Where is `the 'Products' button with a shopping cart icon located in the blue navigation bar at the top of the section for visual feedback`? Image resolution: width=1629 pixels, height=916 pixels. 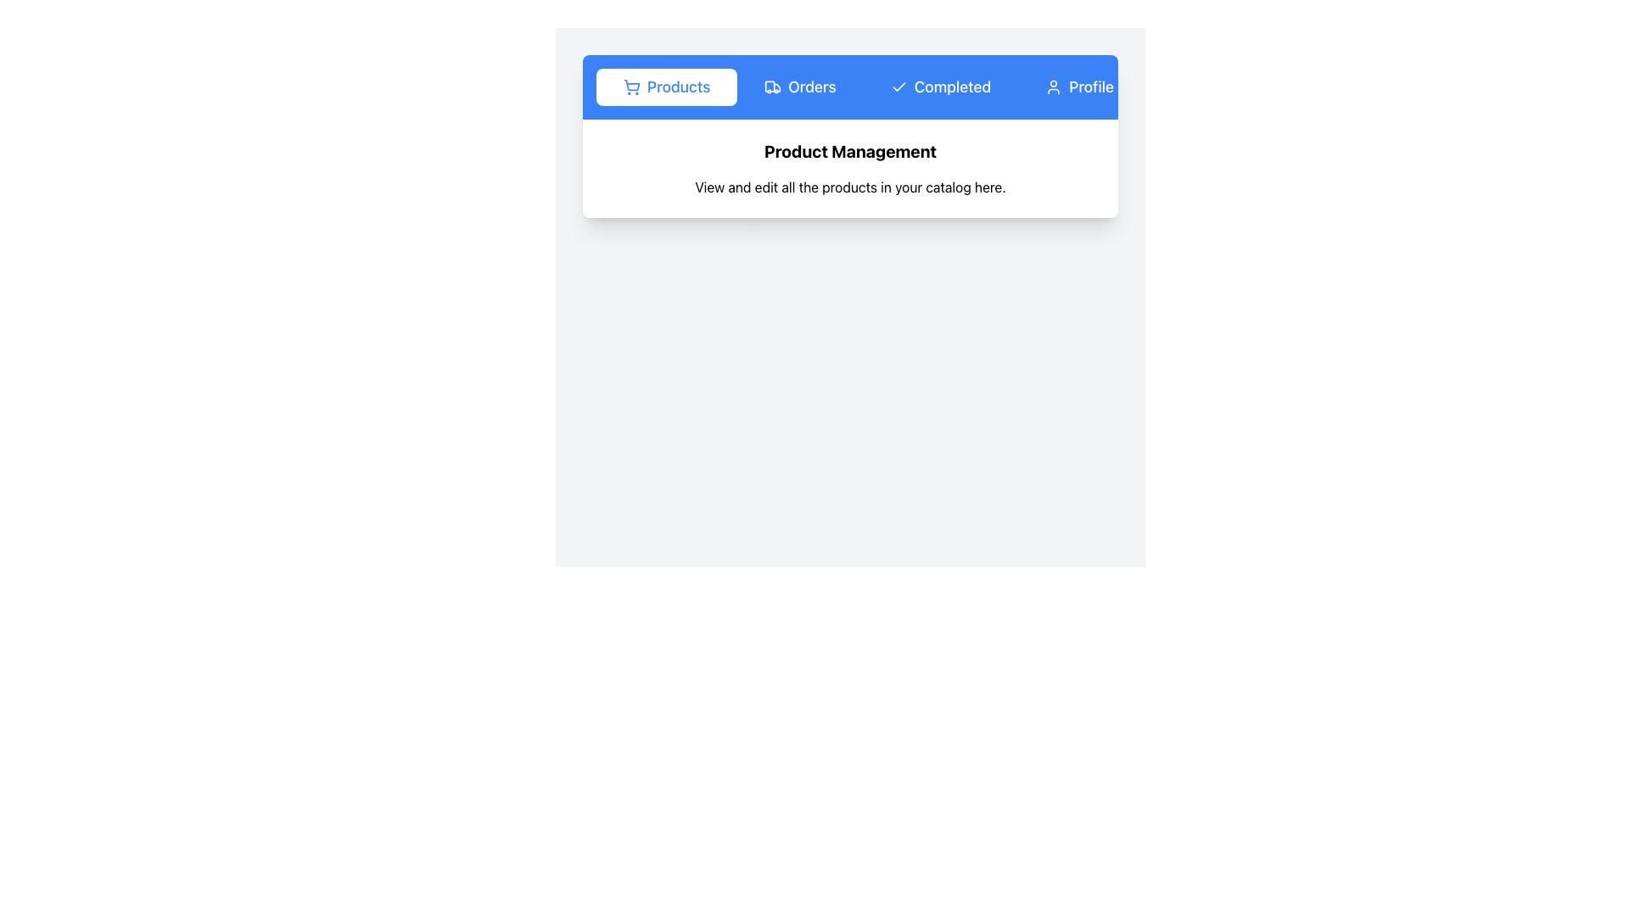
the 'Products' button with a shopping cart icon located in the blue navigation bar at the top of the section for visual feedback is located at coordinates (666, 87).